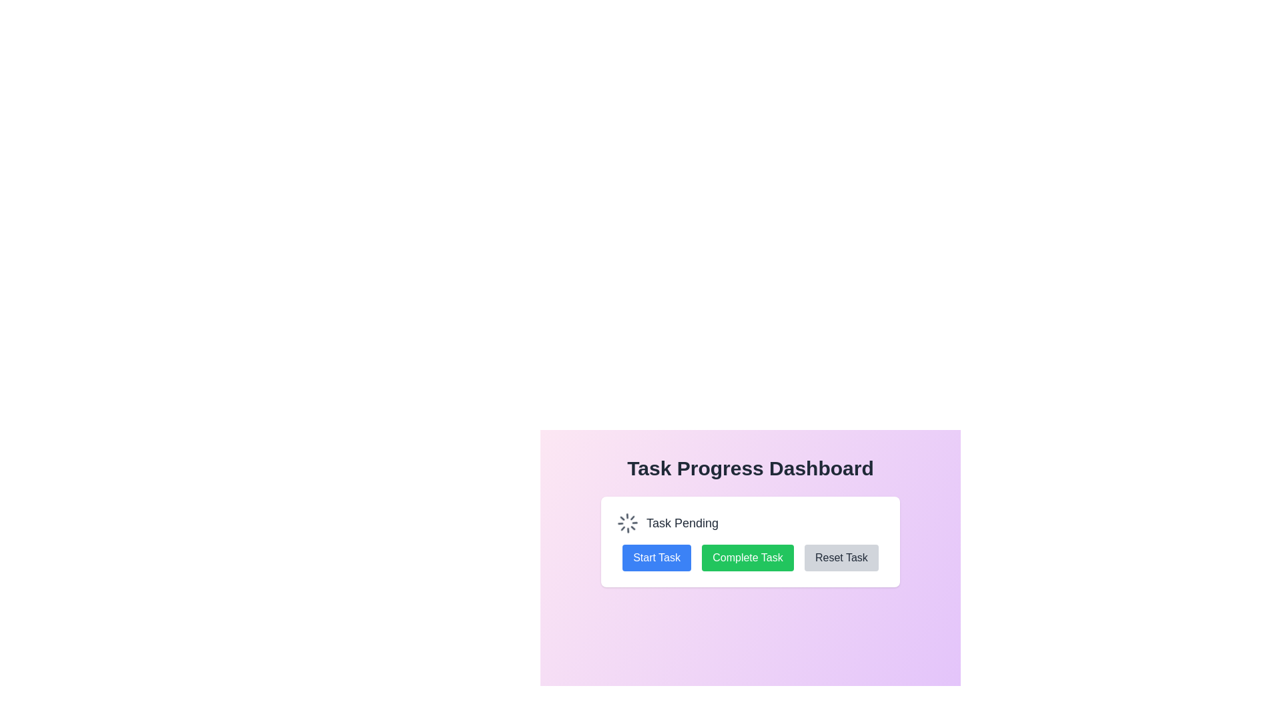  Describe the element at coordinates (750, 558) in the screenshot. I see `the second button in the row of three buttons located near the lower section of the card to mark the task as completed` at that location.